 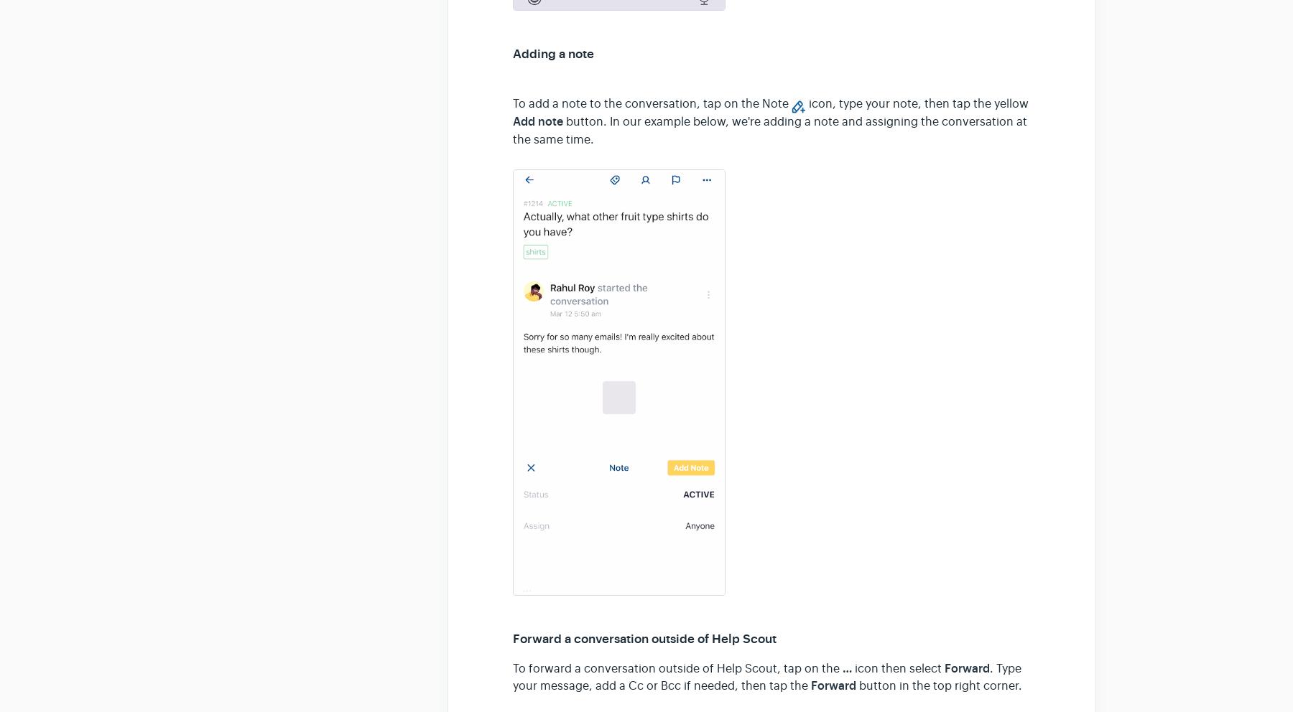 I want to click on 'button. In our example below, we're adding a note and assigning the conversation at the same time.', so click(x=512, y=130).